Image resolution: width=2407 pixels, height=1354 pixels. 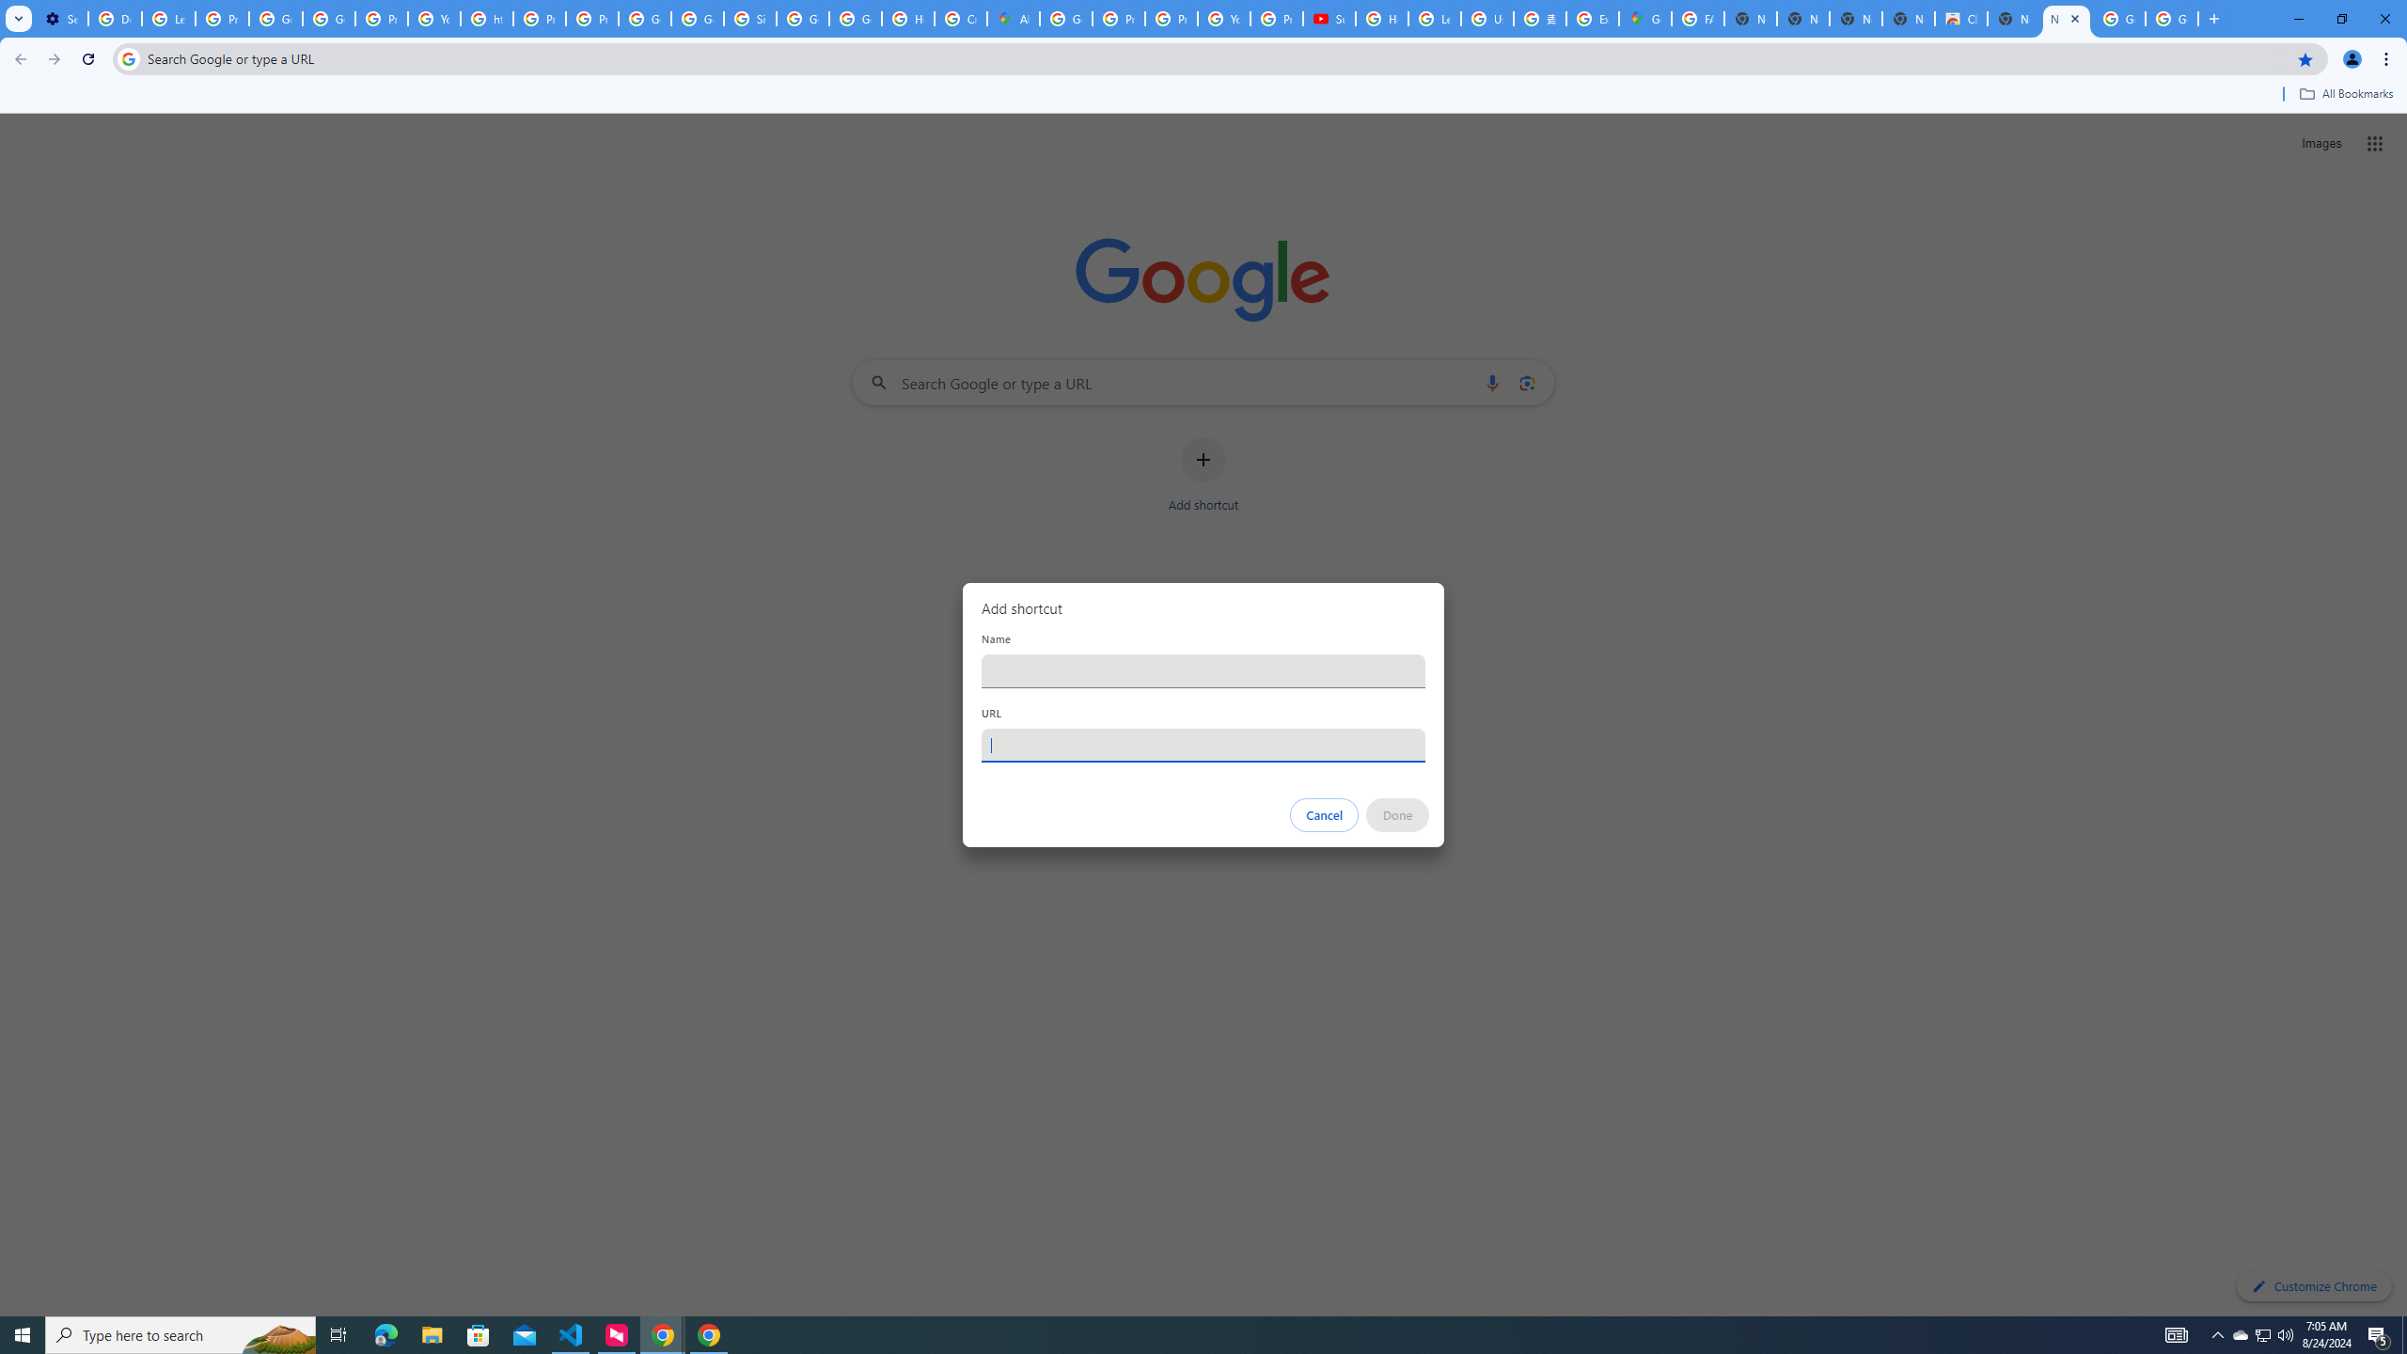 What do you see at coordinates (61, 18) in the screenshot?
I see `'Settings - Performance'` at bounding box center [61, 18].